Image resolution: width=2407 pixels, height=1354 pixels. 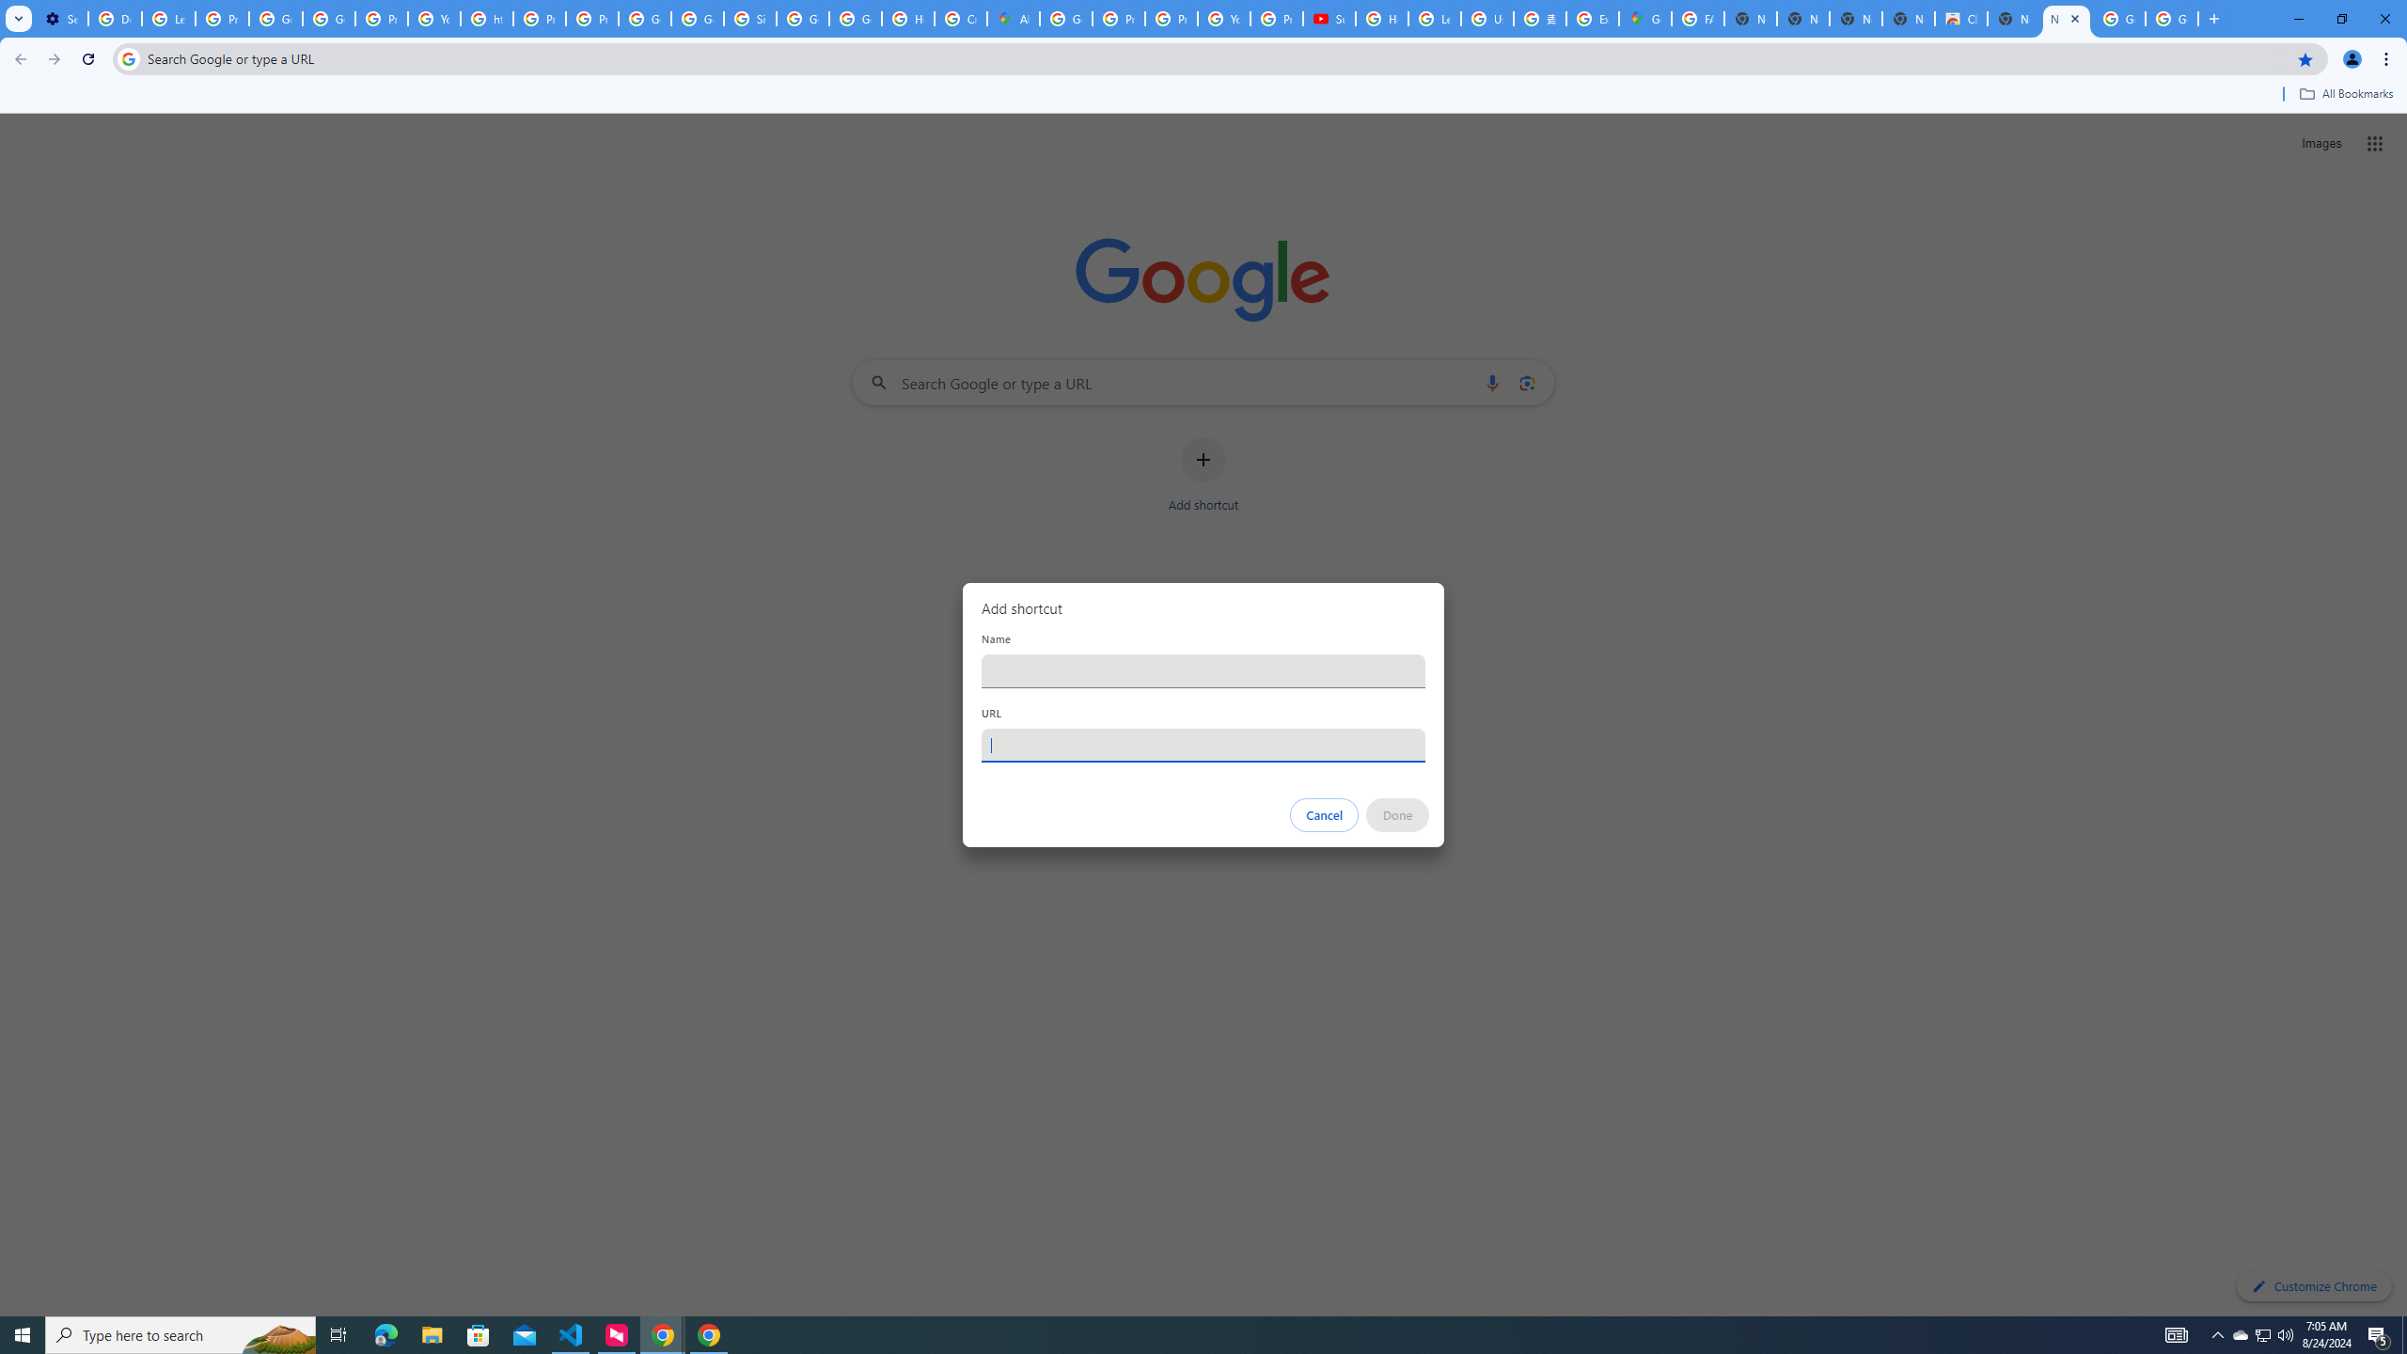 What do you see at coordinates (61, 18) in the screenshot?
I see `'Settings - Performance'` at bounding box center [61, 18].